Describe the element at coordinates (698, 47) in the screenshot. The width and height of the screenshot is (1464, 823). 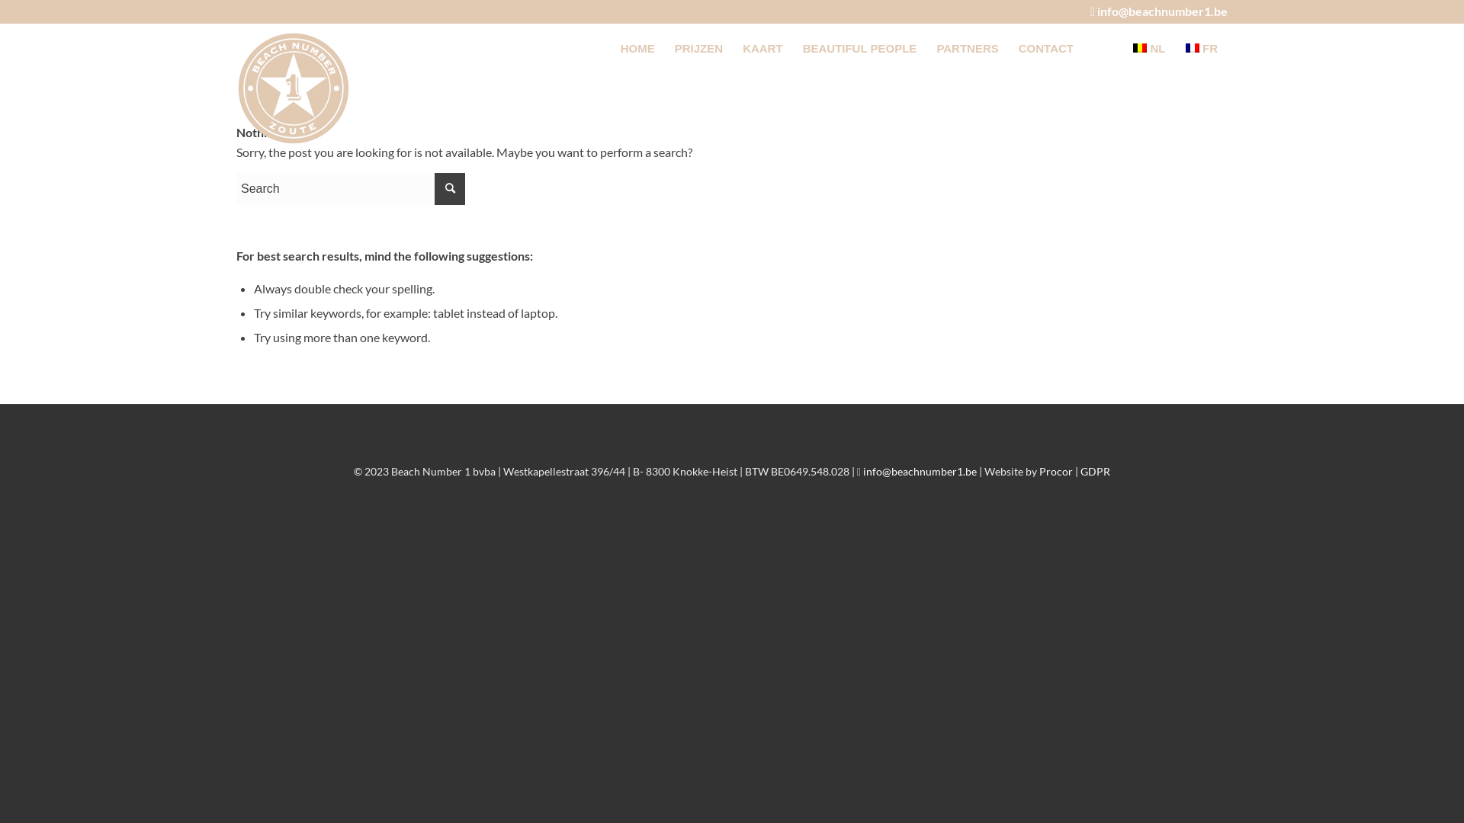
I see `'PRIJZEN'` at that location.